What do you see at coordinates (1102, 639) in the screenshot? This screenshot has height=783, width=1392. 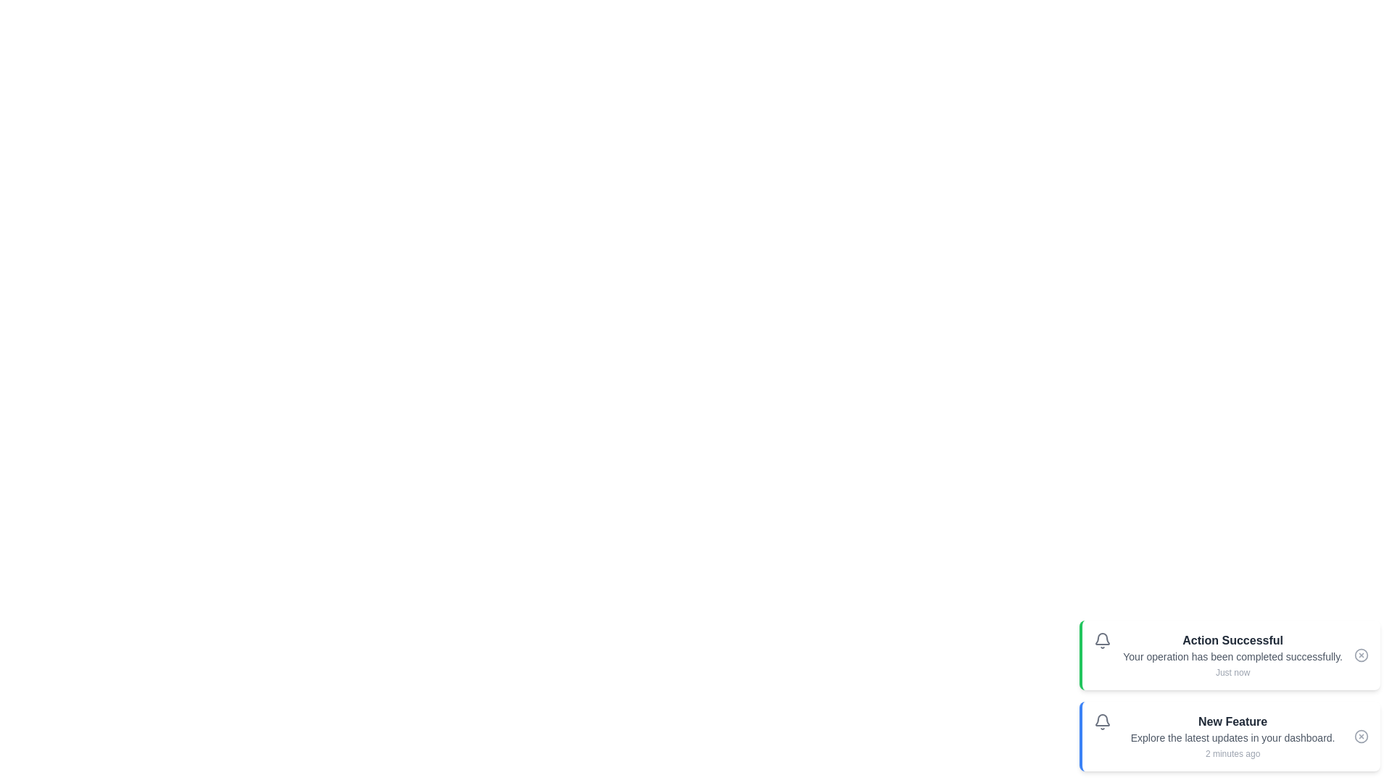 I see `the bell icon located on the leftmost side of the 'Action Successful' notification panel, which signifies an alert or event` at bounding box center [1102, 639].